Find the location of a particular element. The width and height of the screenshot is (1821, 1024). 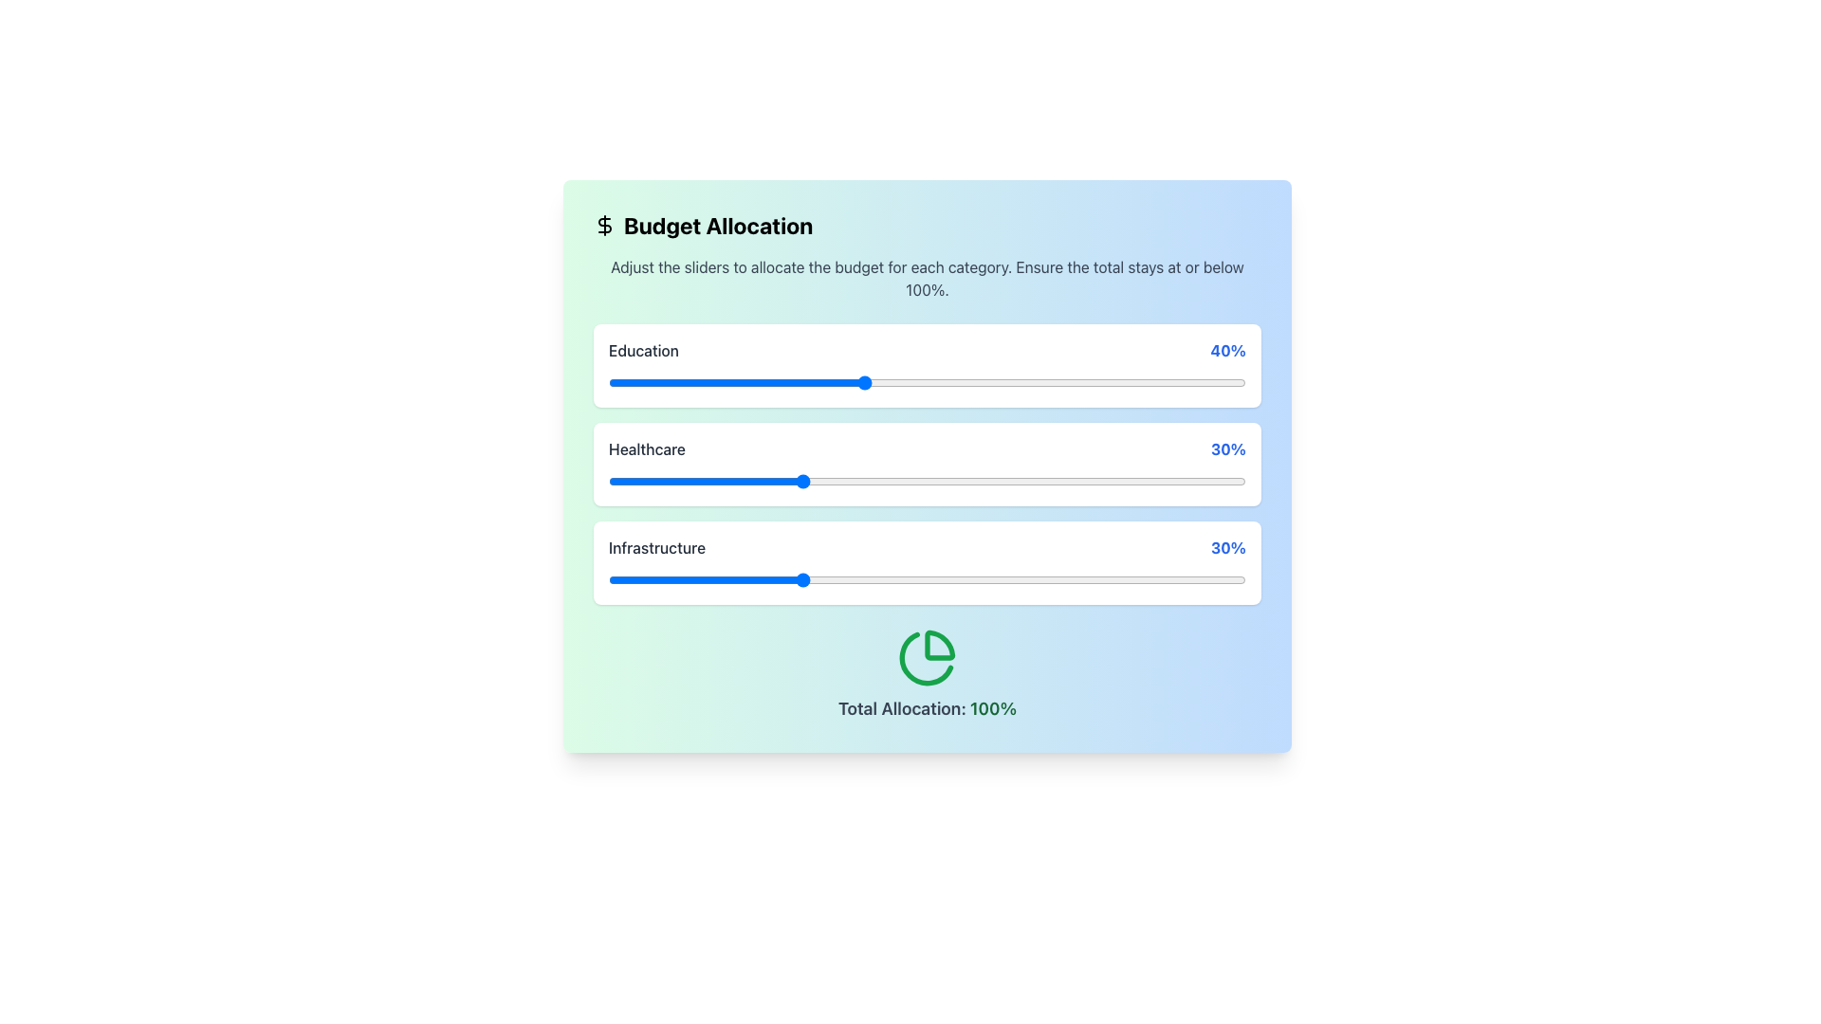

the Education allocation slider is located at coordinates (875, 383).